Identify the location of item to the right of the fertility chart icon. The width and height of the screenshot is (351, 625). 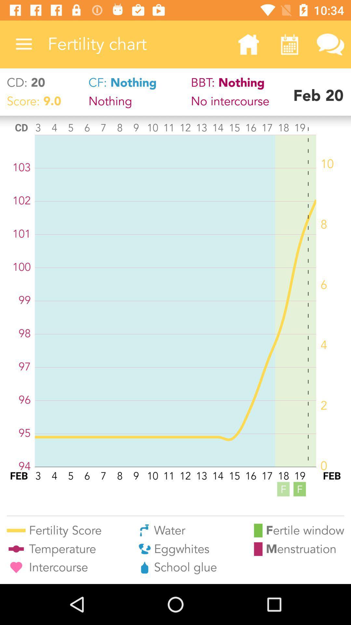
(248, 44).